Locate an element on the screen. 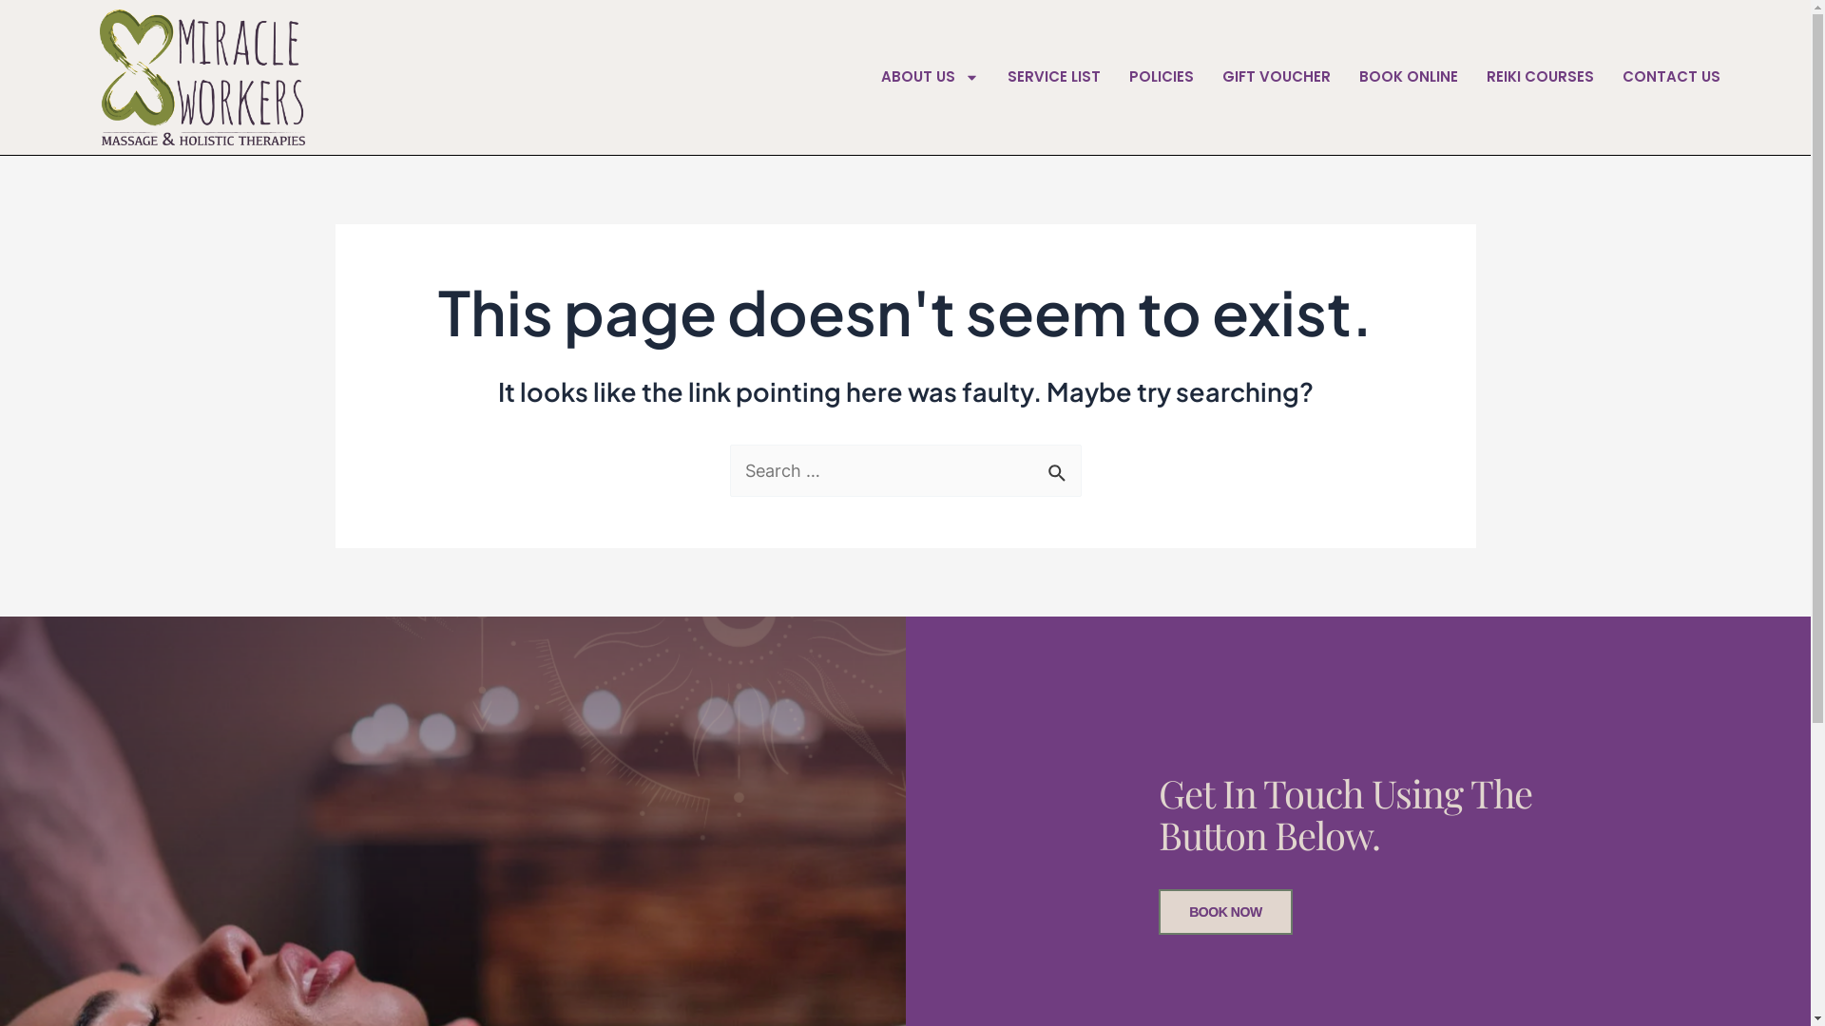  'REIKI COURSES' is located at coordinates (1540, 76).